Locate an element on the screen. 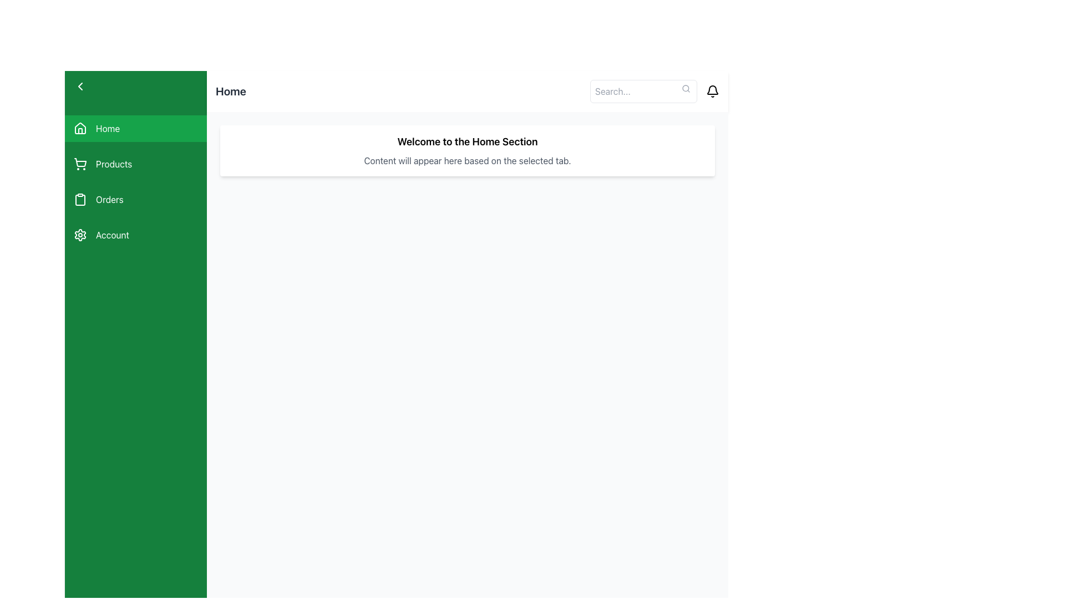 The width and height of the screenshot is (1065, 599). the left-pointing chevron icon in the vertical navigation sidebar is located at coordinates (79, 85).